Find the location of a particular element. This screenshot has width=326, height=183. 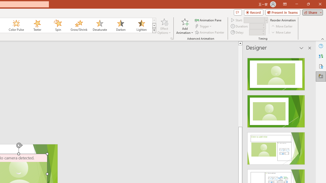

'Color Pulse' is located at coordinates (16, 25).